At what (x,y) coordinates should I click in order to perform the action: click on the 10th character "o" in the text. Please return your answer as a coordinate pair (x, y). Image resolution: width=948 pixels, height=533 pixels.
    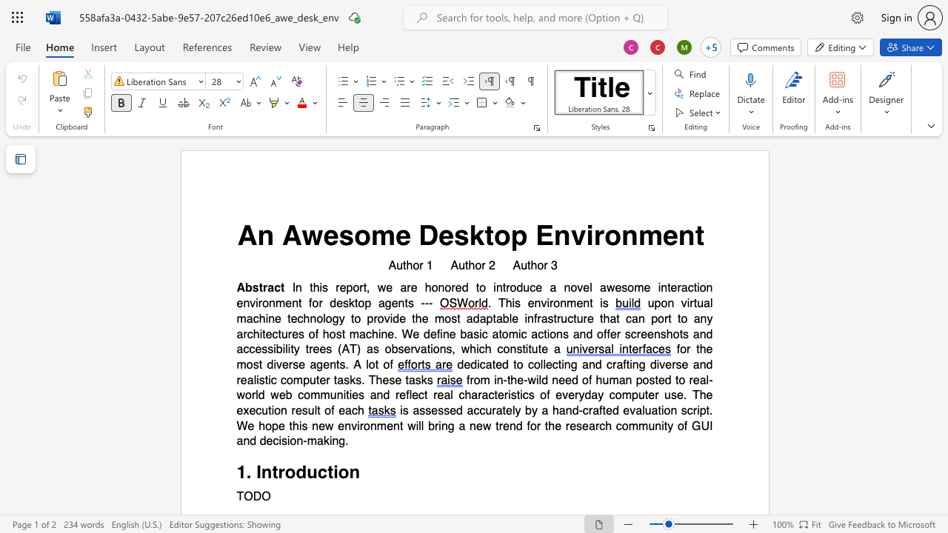
    Looking at the image, I should click on (314, 303).